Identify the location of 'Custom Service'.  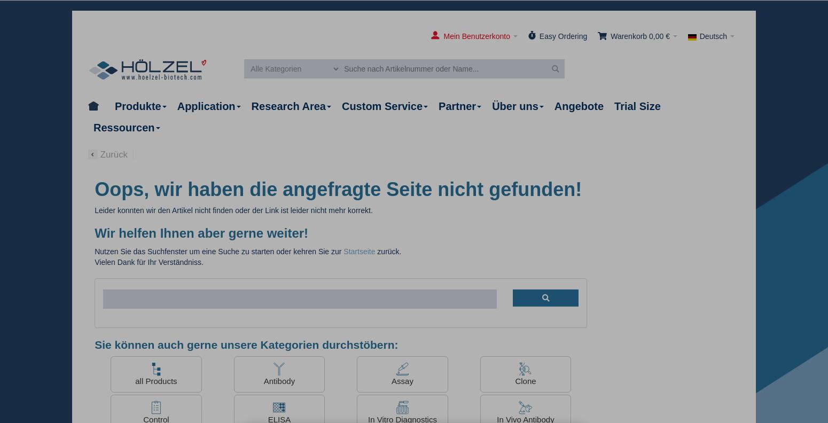
(382, 106).